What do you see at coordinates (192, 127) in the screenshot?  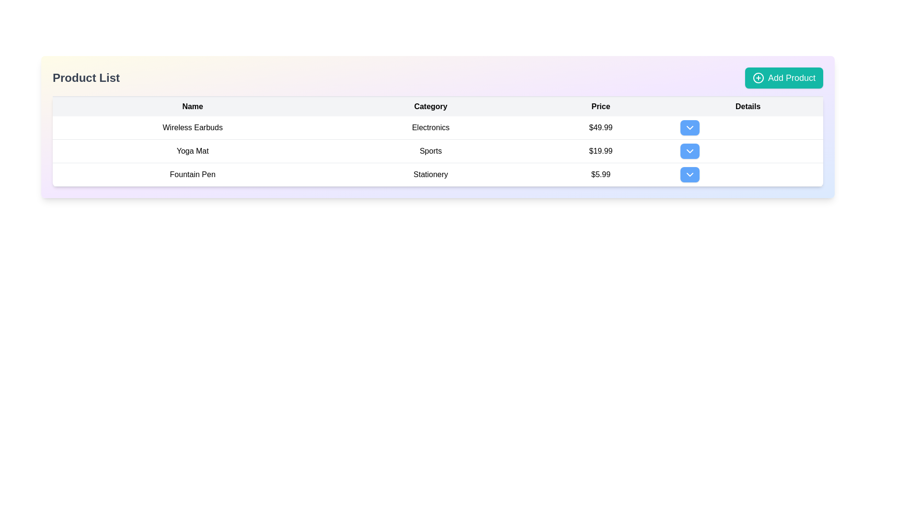 I see `the text label displaying 'Wireless Earbuds', which is positioned in the 'Name' column of a table row under the 'Name' column header` at bounding box center [192, 127].